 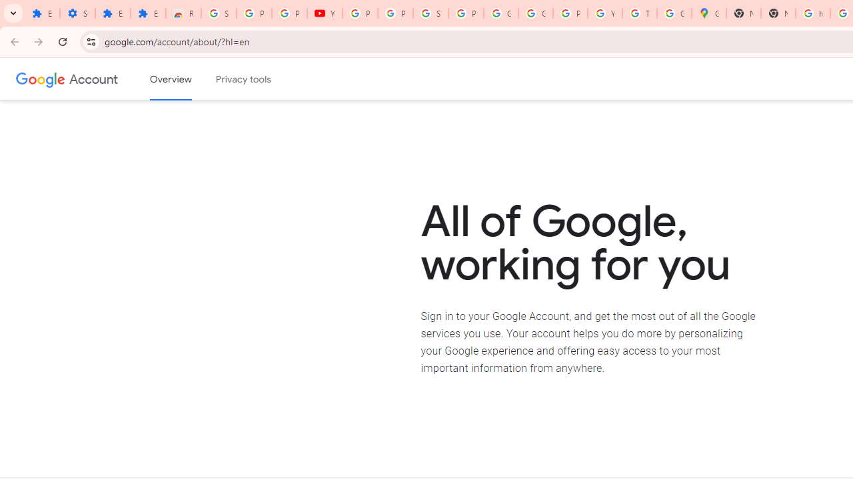 I want to click on 'Reviews: Helix Fruit Jump Arcade Game', so click(x=183, y=13).